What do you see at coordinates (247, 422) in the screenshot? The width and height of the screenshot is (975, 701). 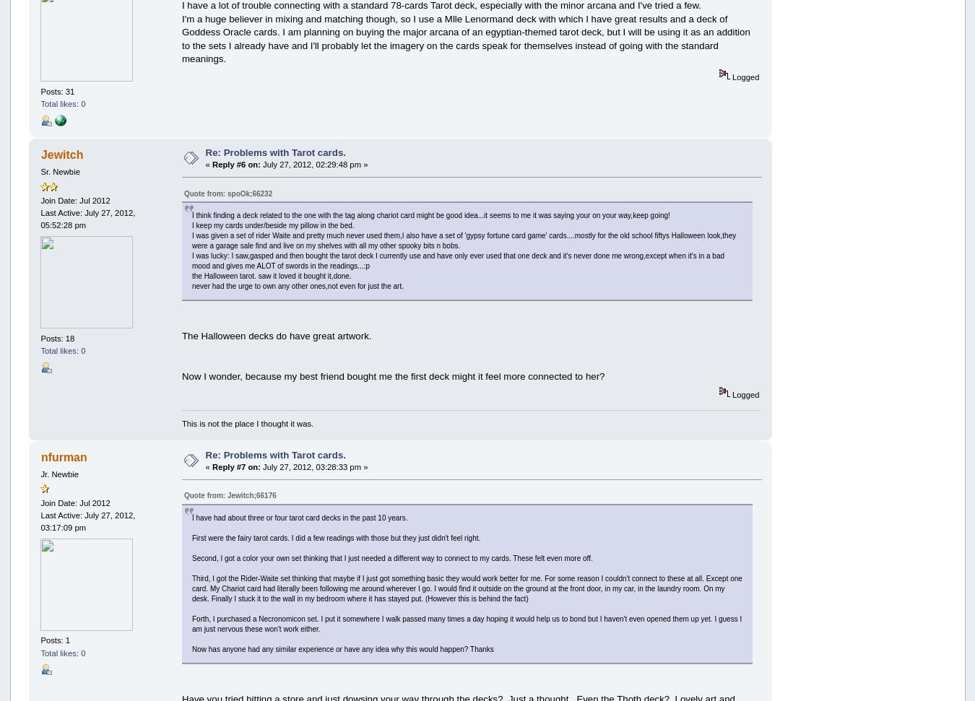 I see `'This is not the place I thought it was.'` at bounding box center [247, 422].